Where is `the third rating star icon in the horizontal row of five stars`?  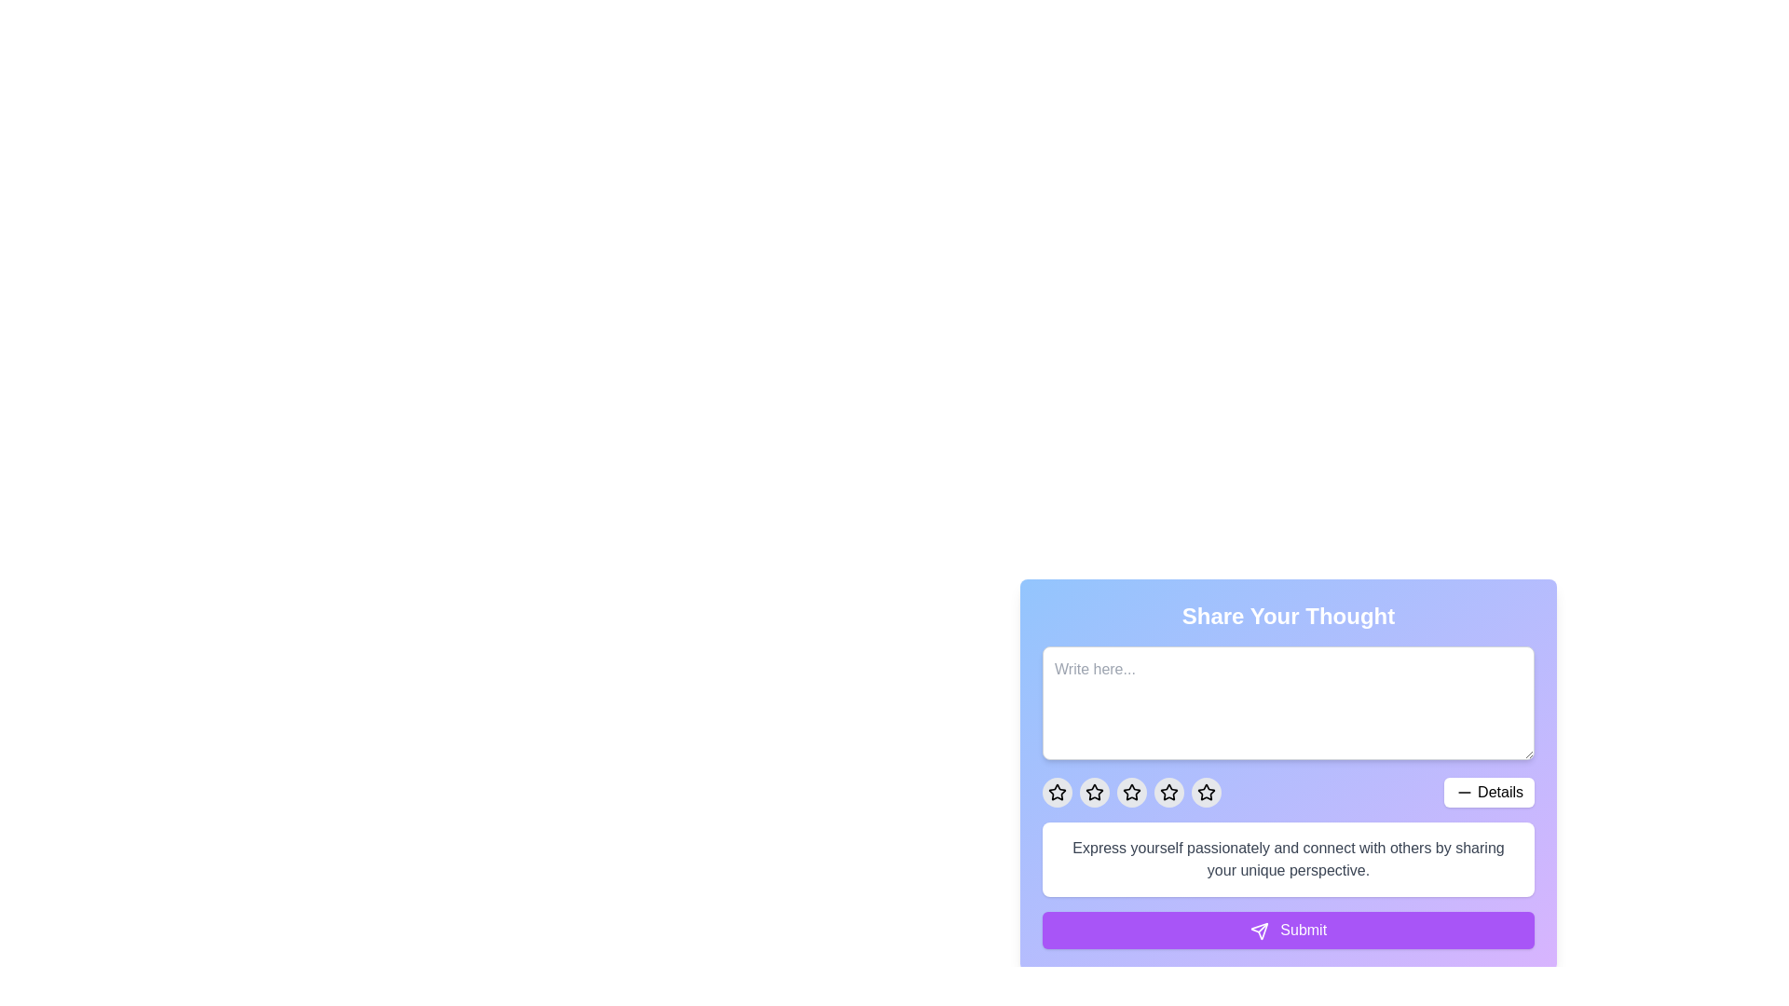 the third rating star icon in the horizontal row of five stars is located at coordinates (1130, 793).